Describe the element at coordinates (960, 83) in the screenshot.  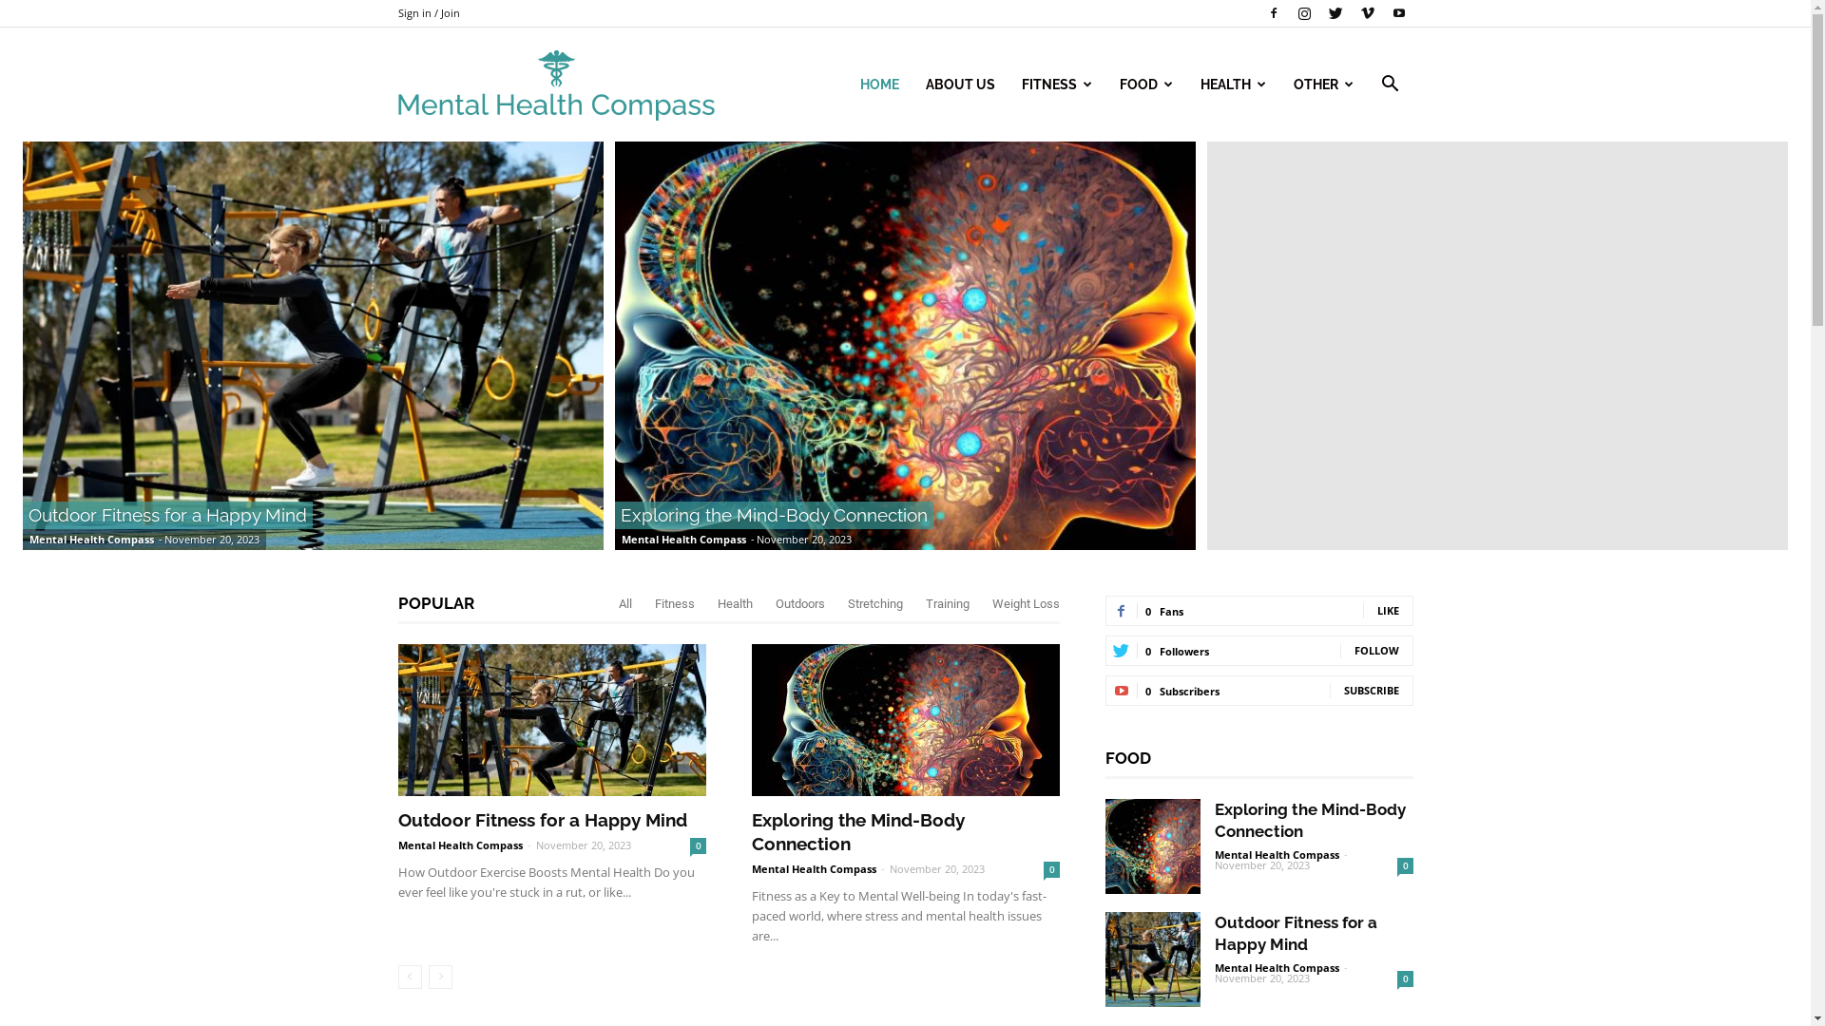
I see `'ABOUT US'` at that location.